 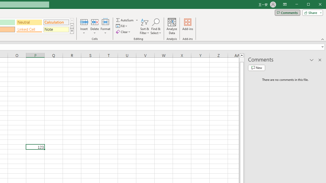 What do you see at coordinates (56, 22) in the screenshot?
I see `'Calculation'` at bounding box center [56, 22].